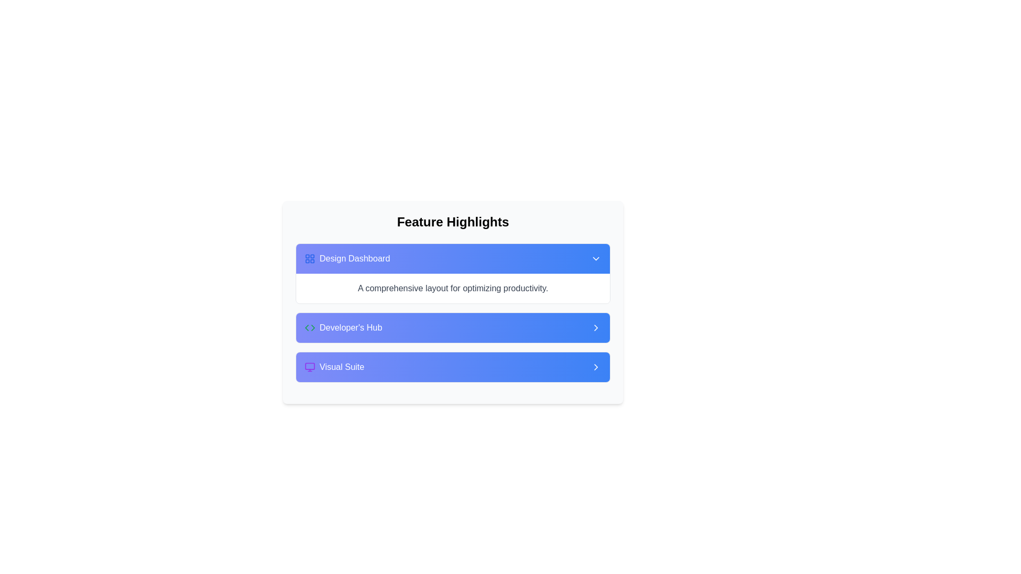 The width and height of the screenshot is (1021, 574). What do you see at coordinates (309, 366) in the screenshot?
I see `the decorative graphic element within the monitor icon associated with the 'Visual Suite' option, located to the left of the text in the third row of the feature list` at bounding box center [309, 366].